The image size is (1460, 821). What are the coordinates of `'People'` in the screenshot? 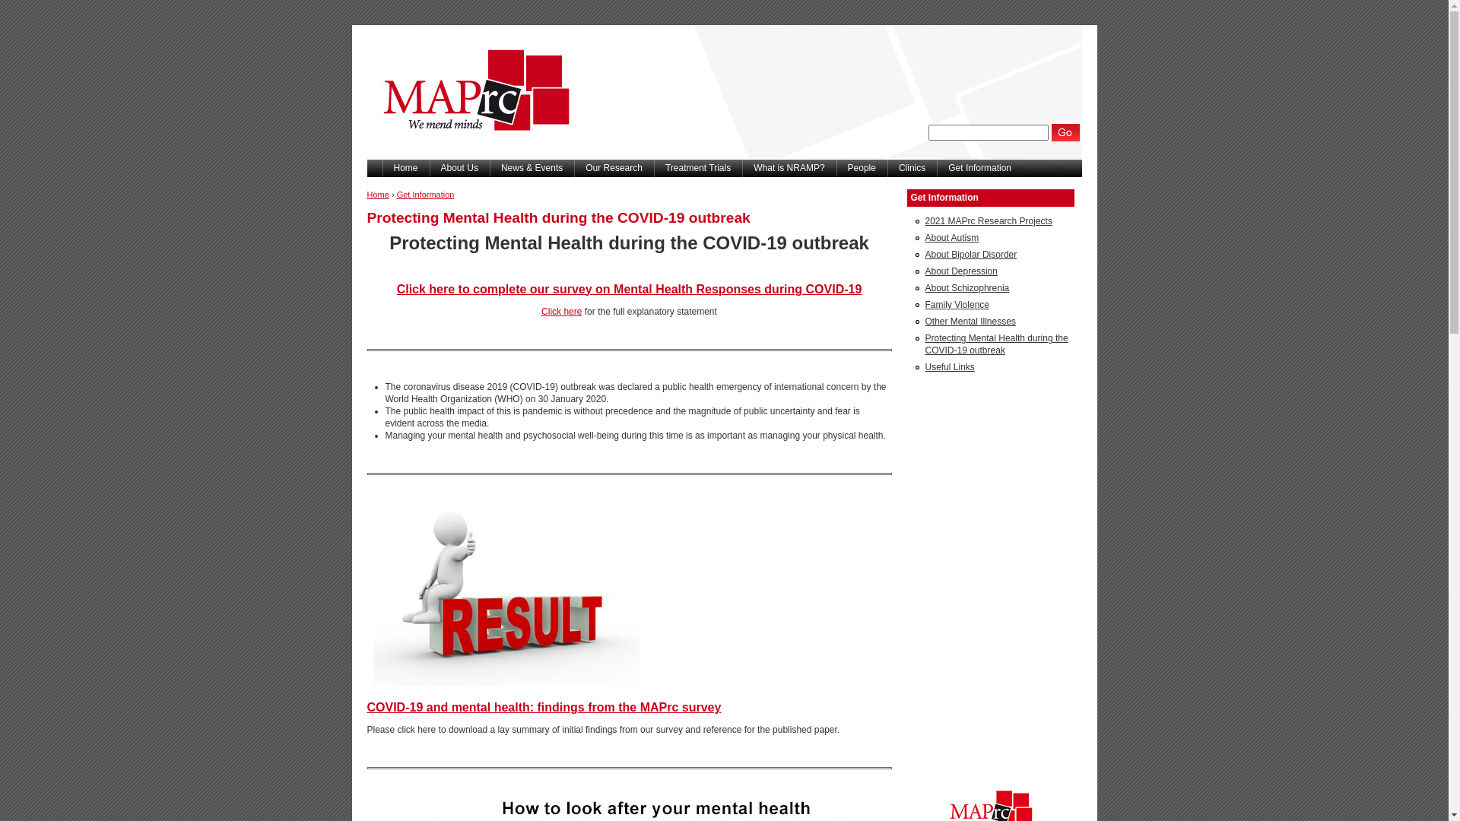 It's located at (862, 168).